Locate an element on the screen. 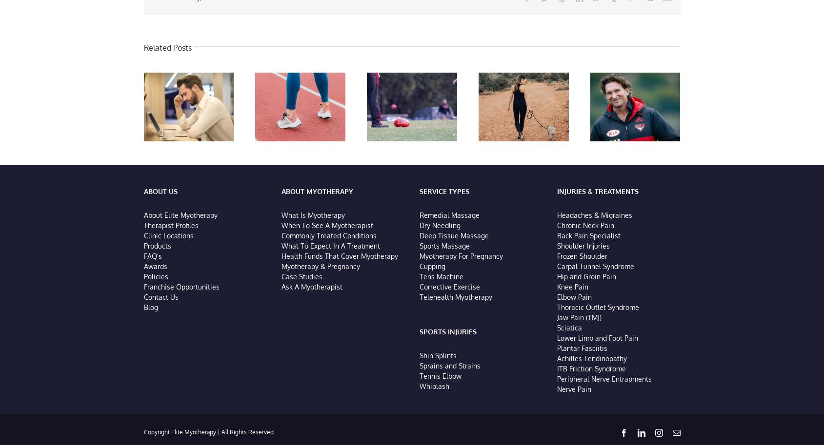 This screenshot has height=445, width=824. 'Related Posts' is located at coordinates (143, 49).